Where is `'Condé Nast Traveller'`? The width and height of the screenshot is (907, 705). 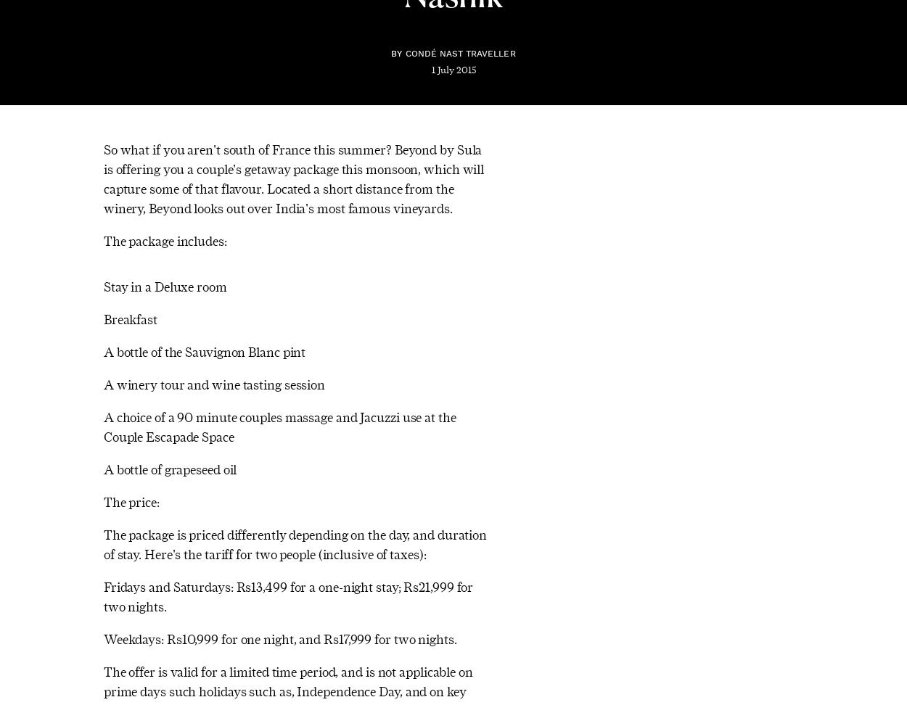
'Condé Nast Traveller' is located at coordinates (460, 51).